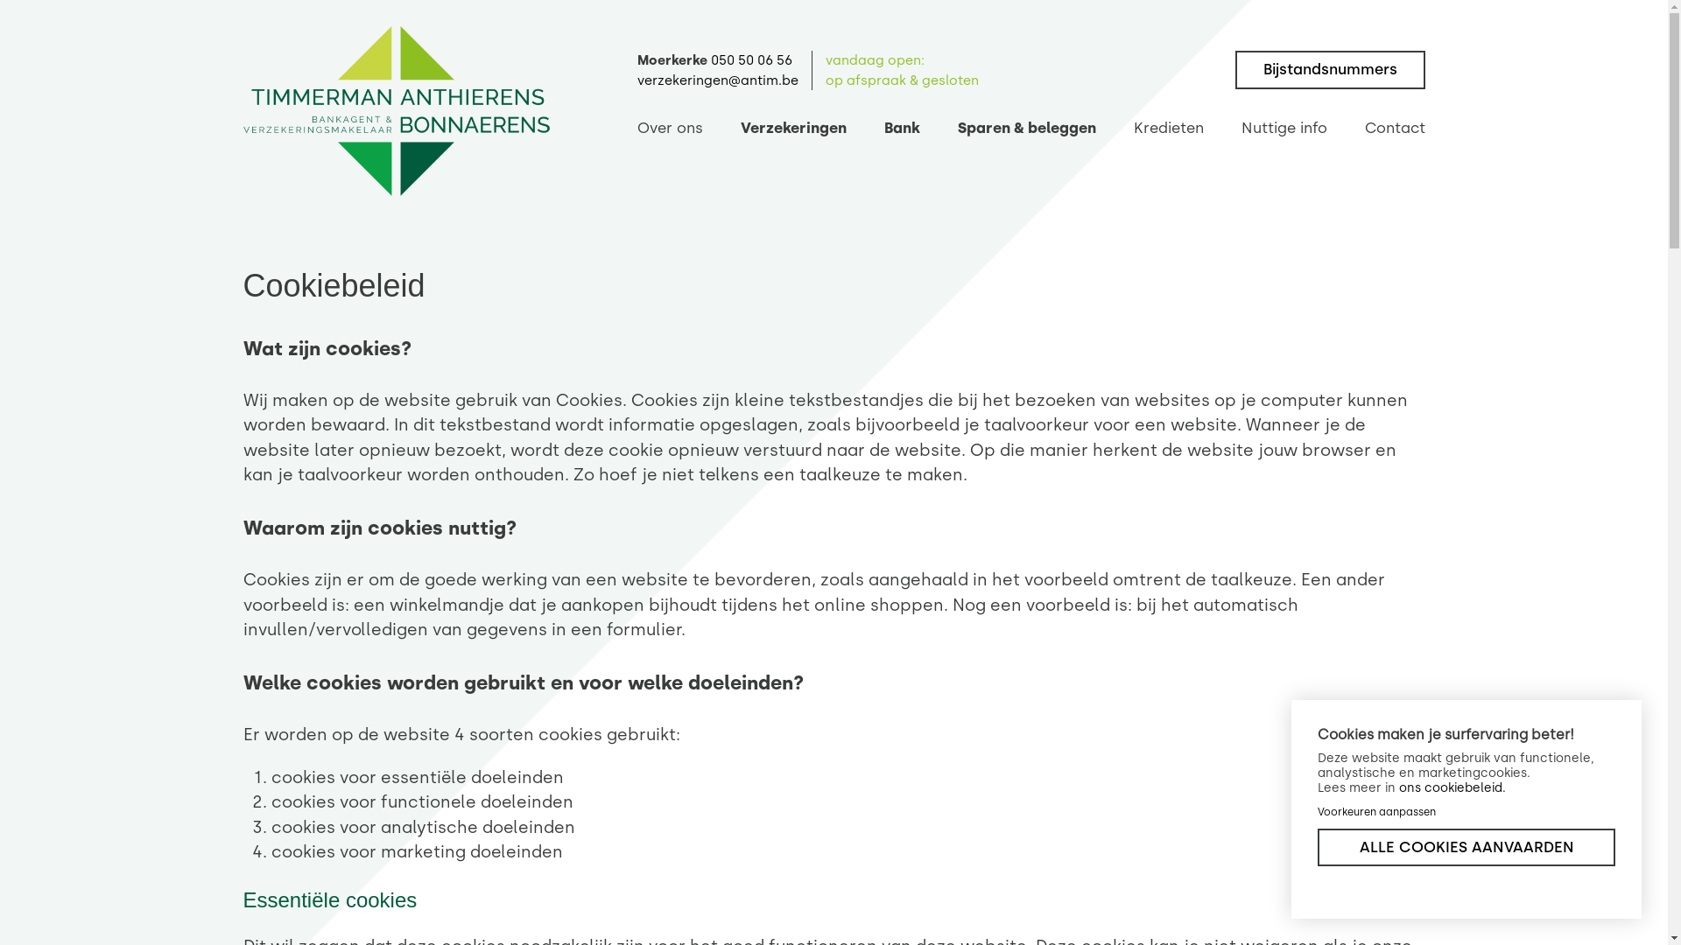 The height and width of the screenshot is (945, 1681). What do you see at coordinates (751, 59) in the screenshot?
I see `'050 50 06 56'` at bounding box center [751, 59].